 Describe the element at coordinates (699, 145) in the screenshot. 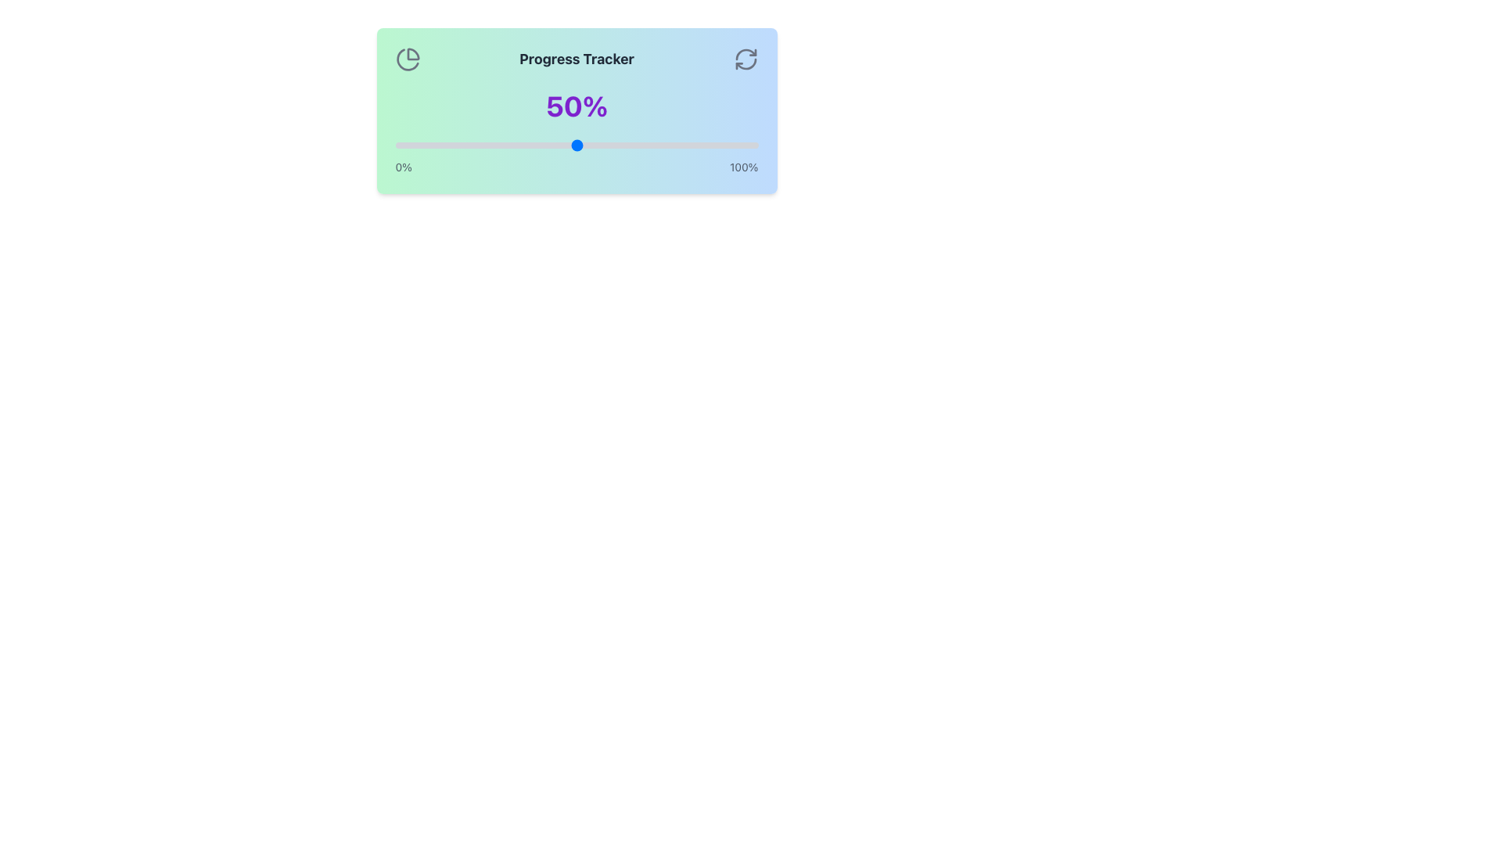

I see `the progress tracker value` at that location.